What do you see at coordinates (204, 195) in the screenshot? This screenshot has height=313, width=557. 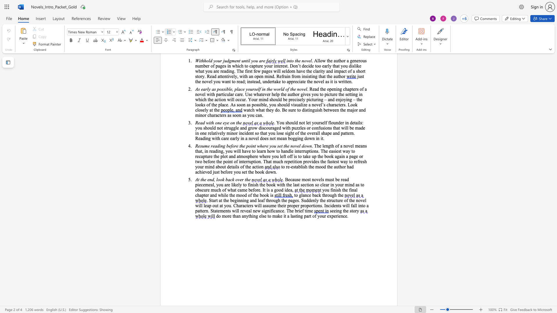 I see `the space between the continuous character "p" and "t" in the text` at bounding box center [204, 195].